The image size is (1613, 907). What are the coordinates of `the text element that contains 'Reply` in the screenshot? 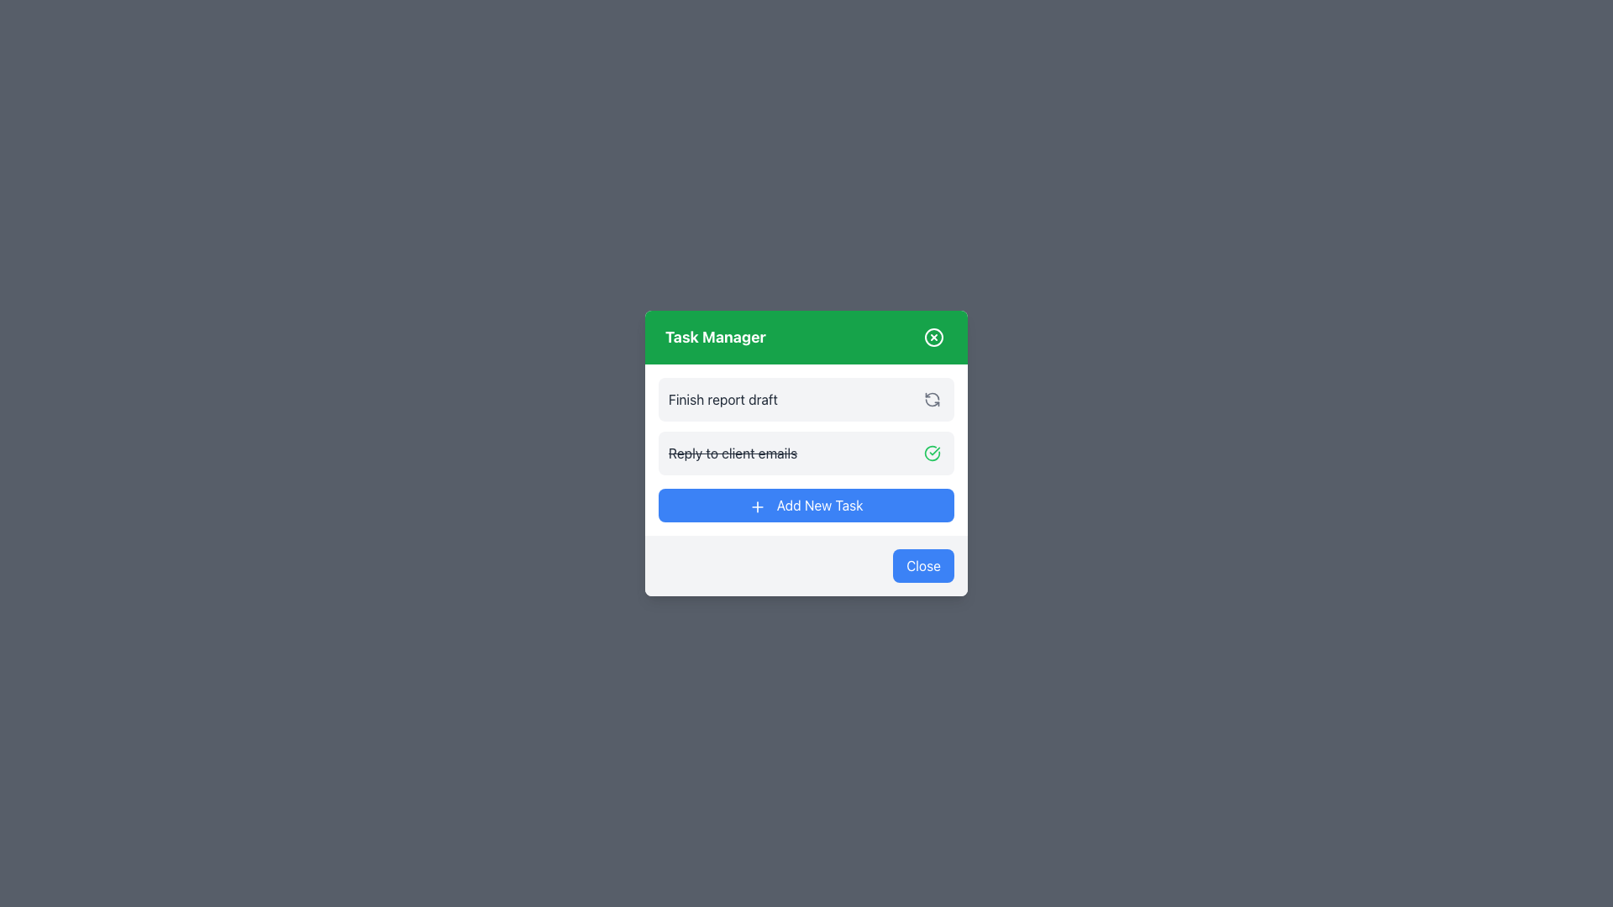 It's located at (733, 453).